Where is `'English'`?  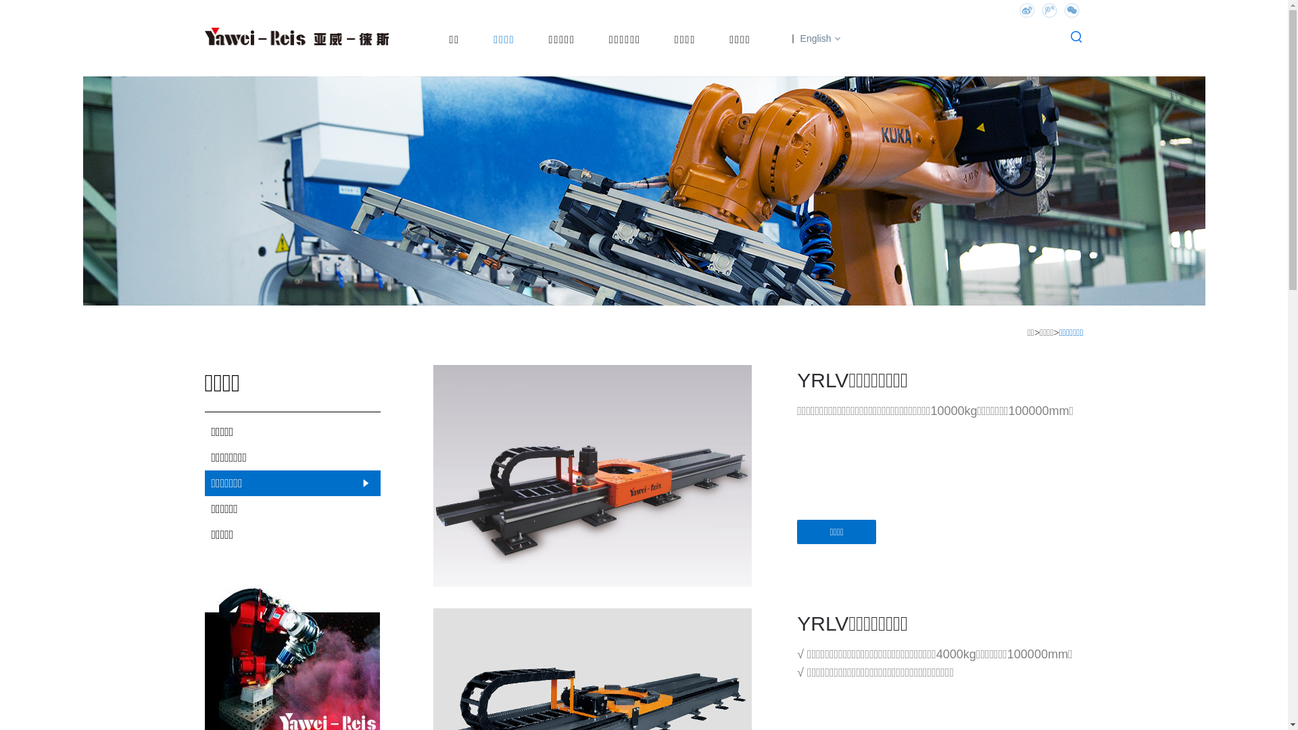
'English' is located at coordinates (812, 38).